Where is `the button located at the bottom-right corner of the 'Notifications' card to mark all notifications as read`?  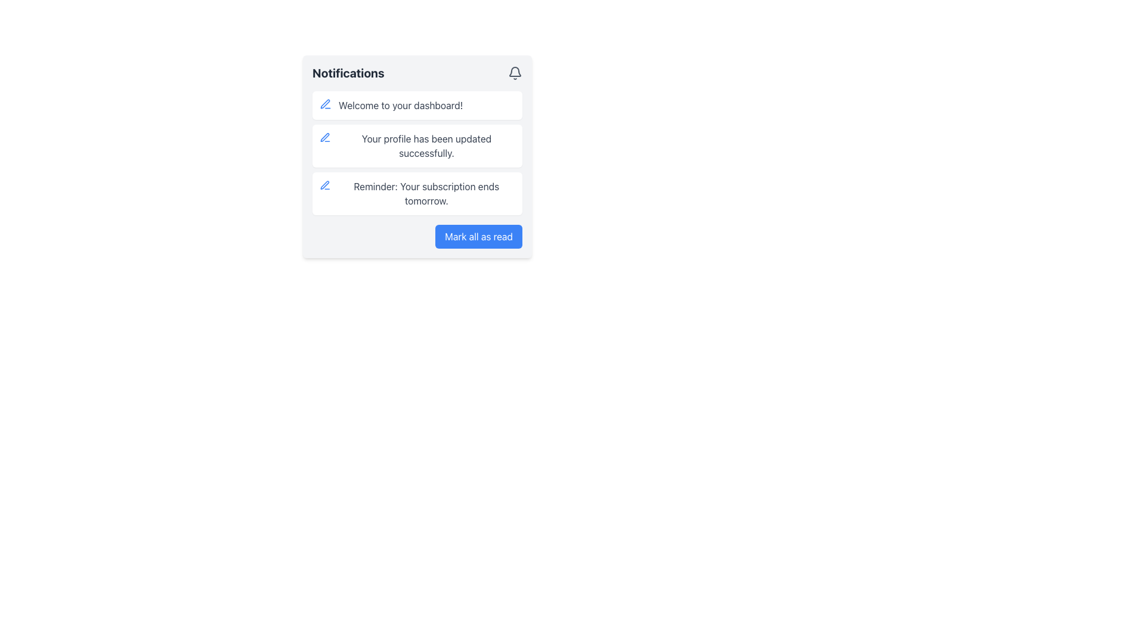
the button located at the bottom-right corner of the 'Notifications' card to mark all notifications as read is located at coordinates (417, 237).